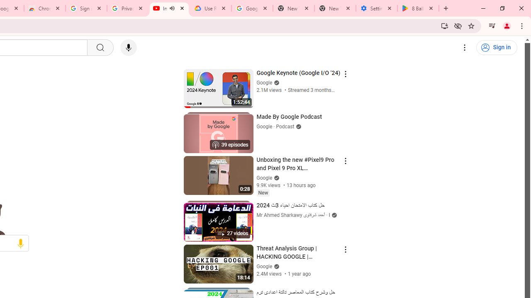 The width and height of the screenshot is (531, 298). Describe the element at coordinates (376, 8) in the screenshot. I see `'Settings - System'` at that location.